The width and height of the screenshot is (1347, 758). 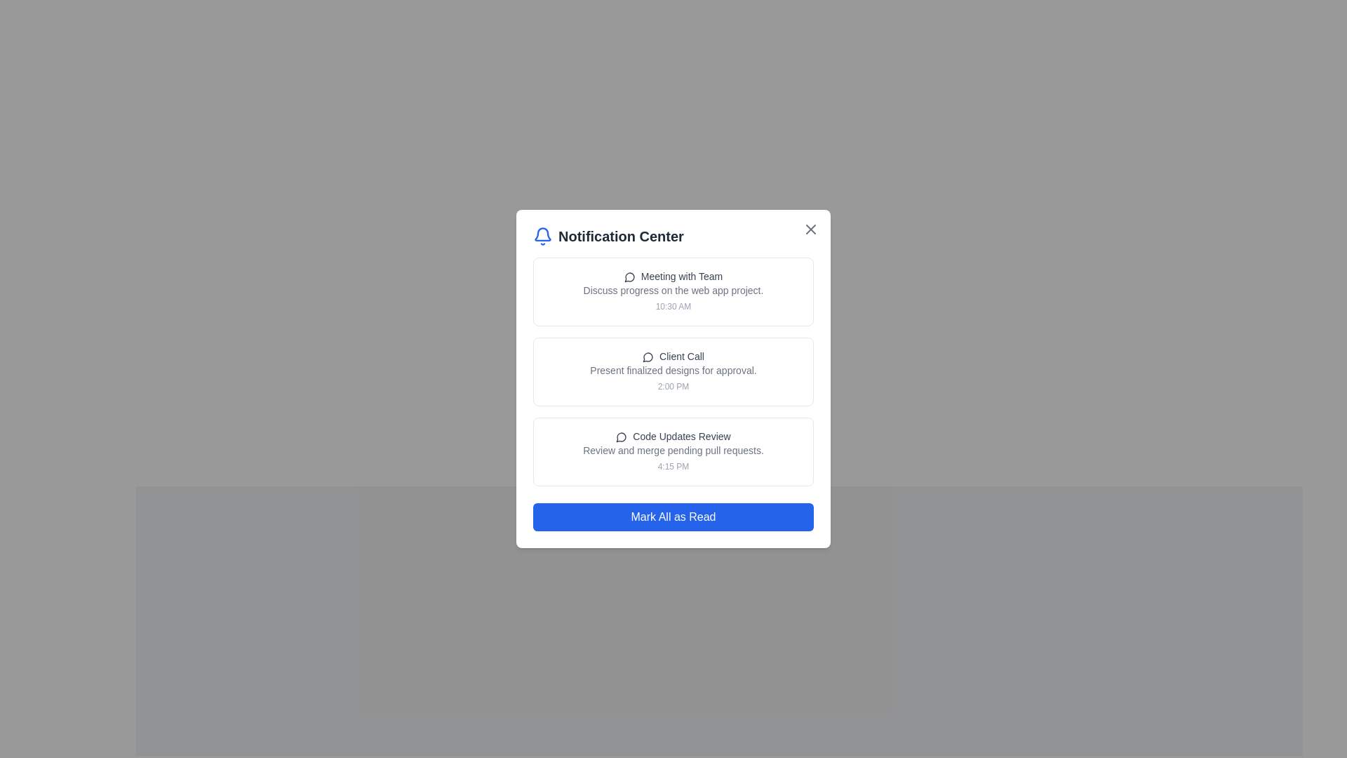 I want to click on the circular speech bubble icon located to the left of the text 'Code Updates Review', so click(x=621, y=437).